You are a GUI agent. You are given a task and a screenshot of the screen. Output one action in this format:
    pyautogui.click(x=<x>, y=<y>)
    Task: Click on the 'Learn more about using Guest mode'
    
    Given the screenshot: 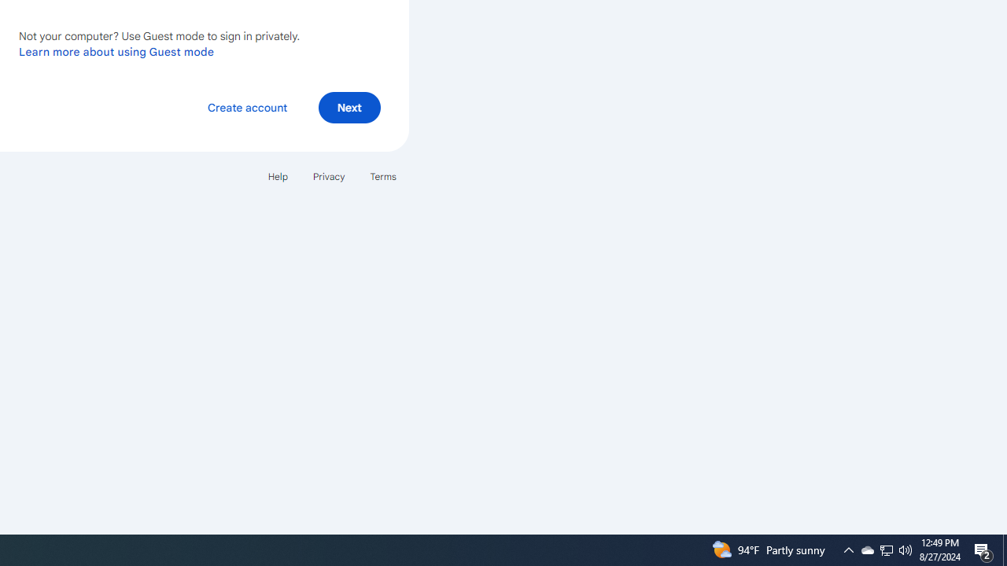 What is the action you would take?
    pyautogui.click(x=116, y=50)
    